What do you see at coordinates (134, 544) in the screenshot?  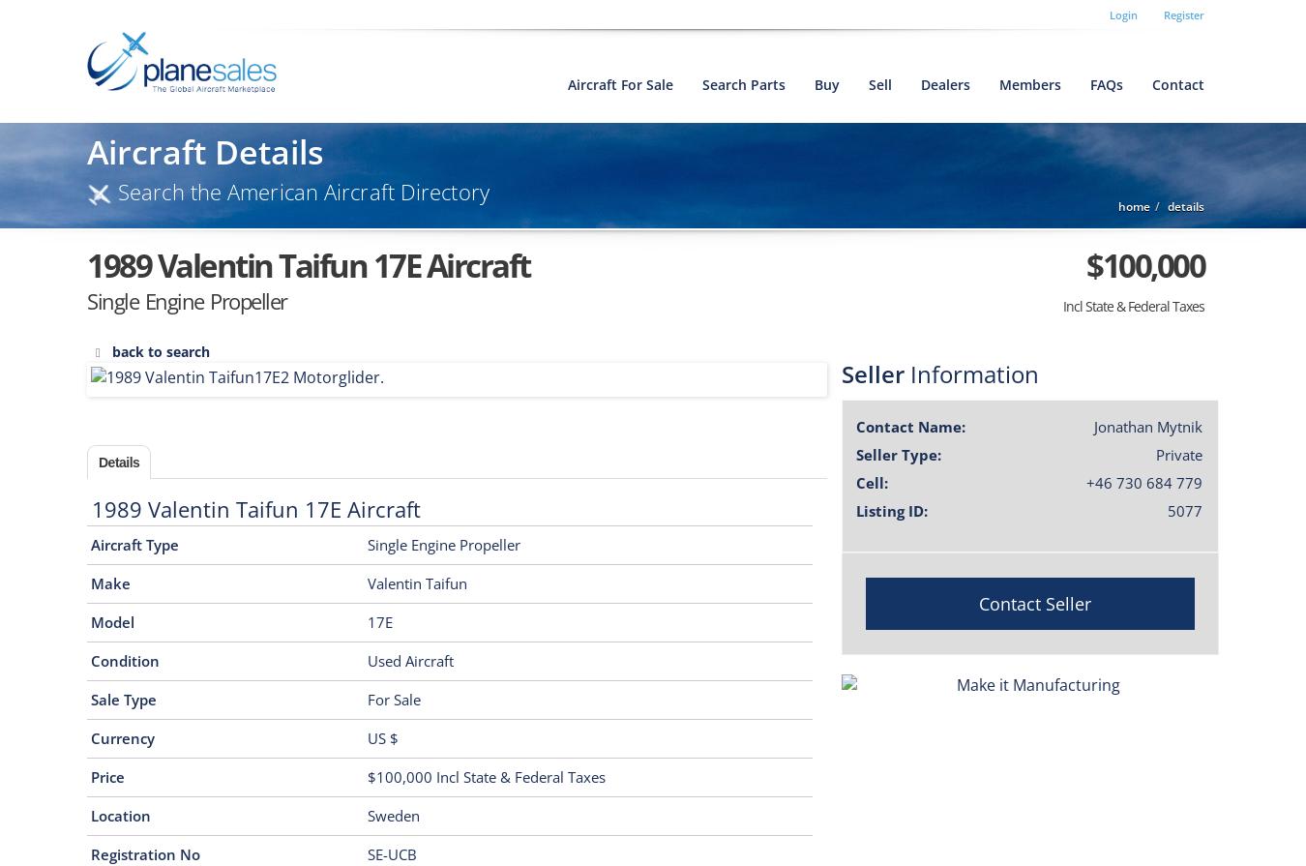 I see `'Aircraft Type'` at bounding box center [134, 544].